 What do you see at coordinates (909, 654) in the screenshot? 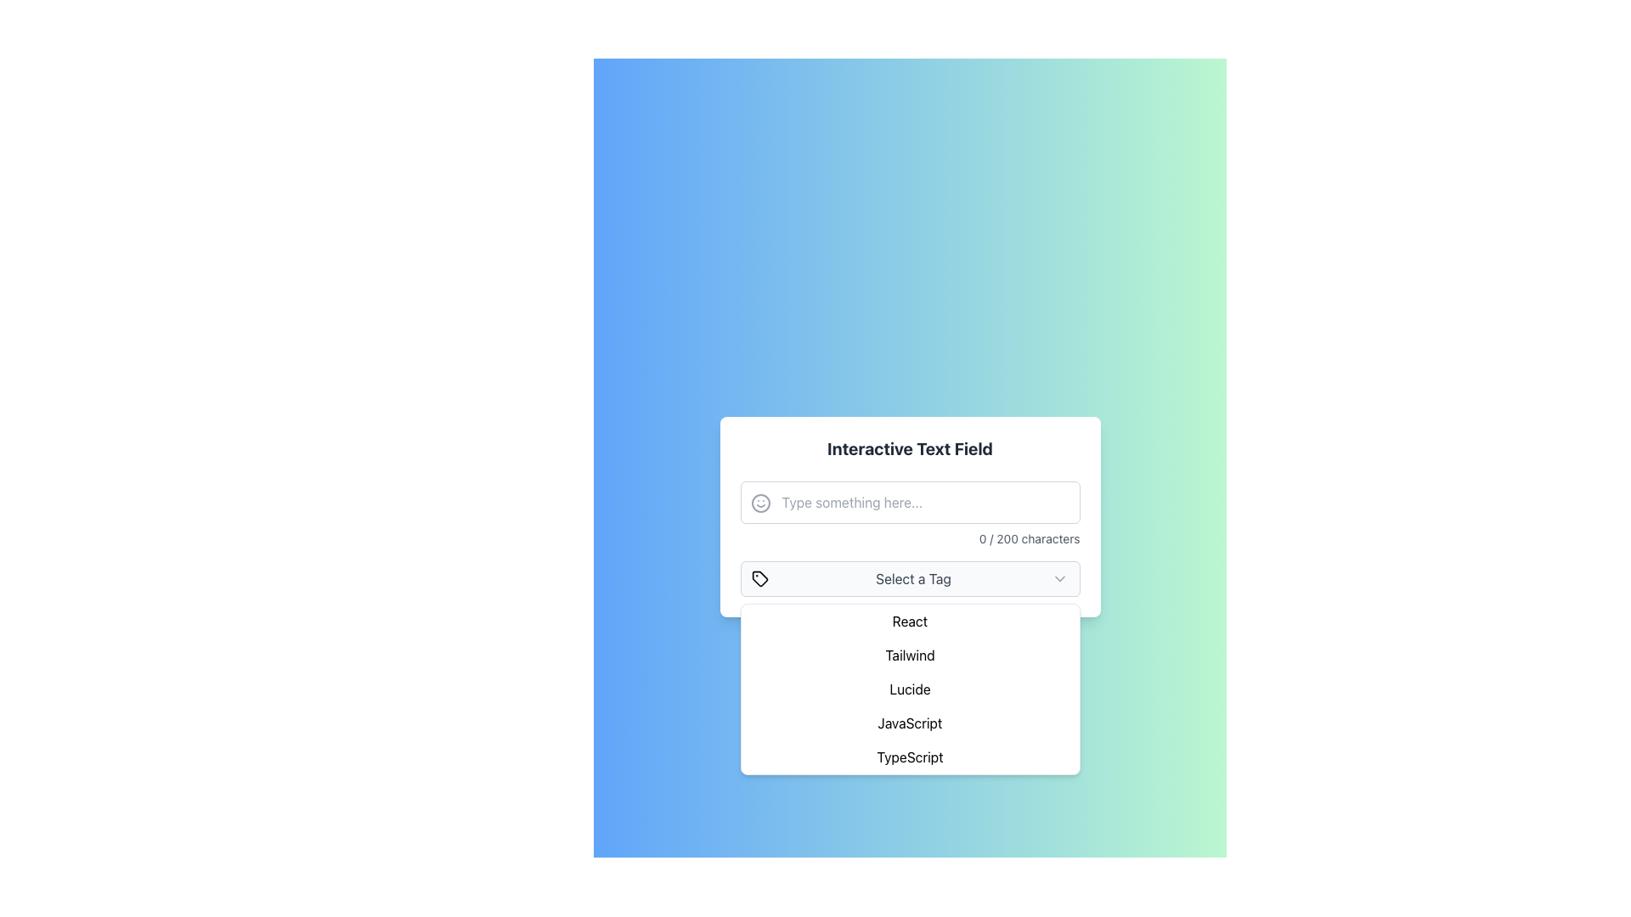
I see `the dropdown option 'Tailwind' which is the second item in the list of options within the dropdown menu` at bounding box center [909, 654].